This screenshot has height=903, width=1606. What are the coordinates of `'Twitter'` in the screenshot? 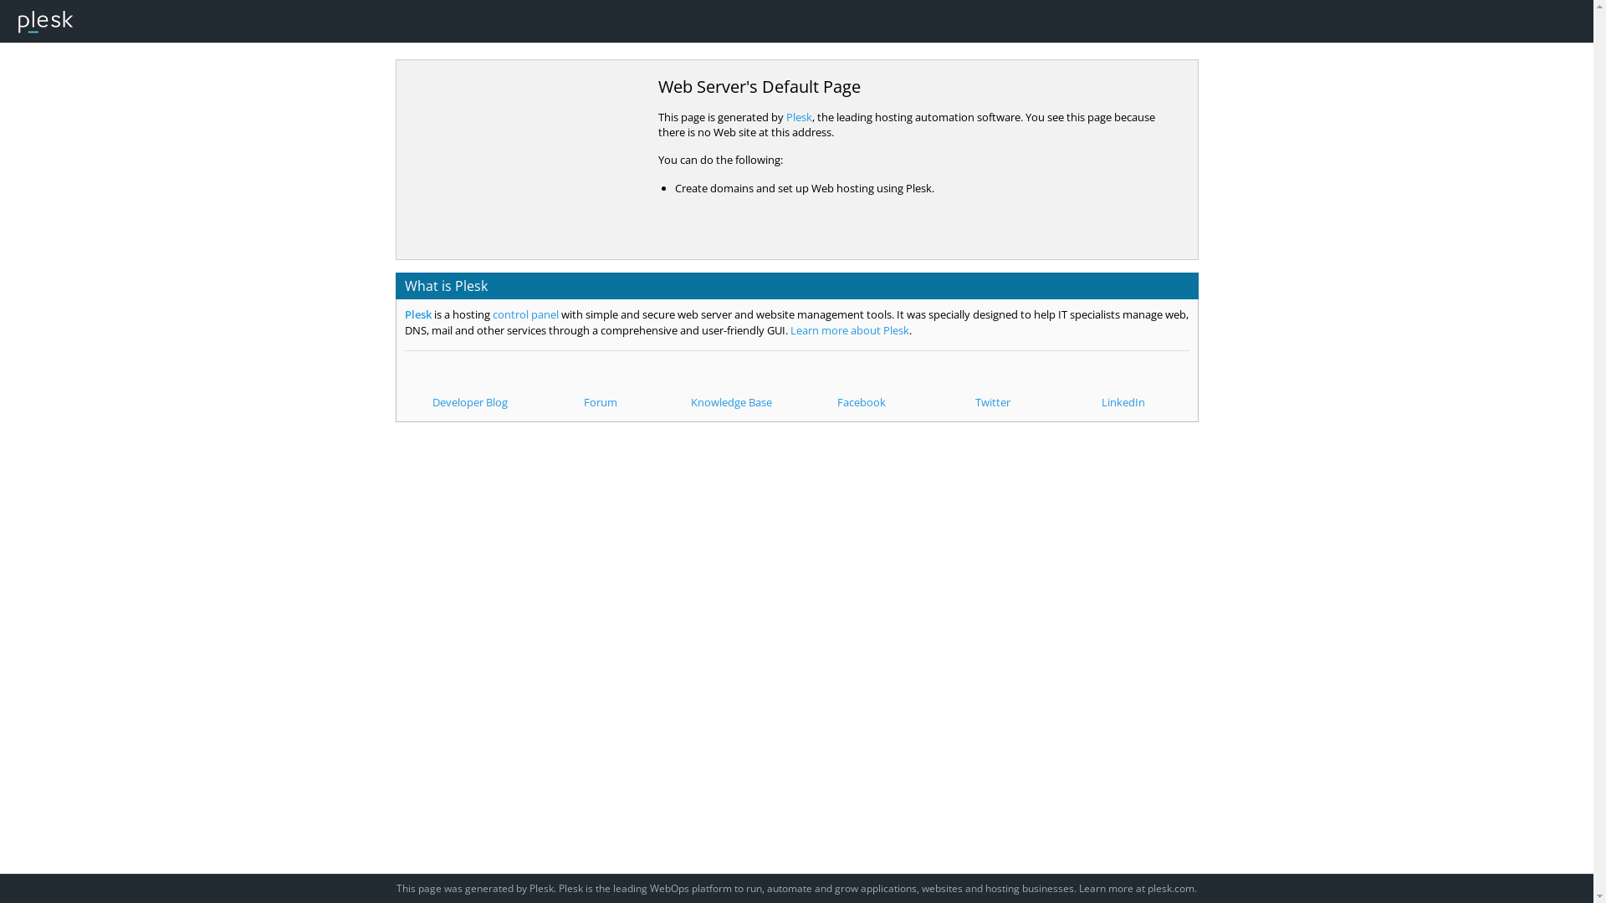 It's located at (992, 386).